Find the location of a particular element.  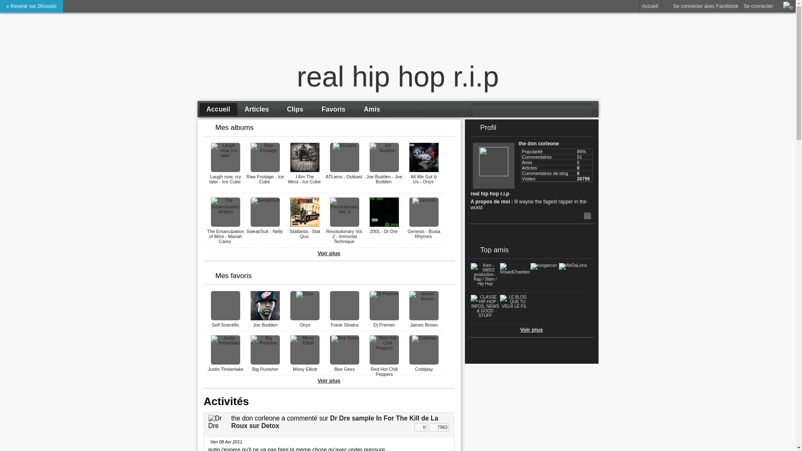

'Red Hot Chili Peppers' is located at coordinates (384, 371).